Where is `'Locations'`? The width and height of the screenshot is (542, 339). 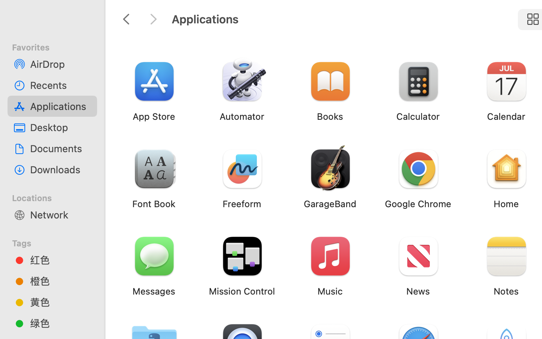
'Locations' is located at coordinates (56, 196).